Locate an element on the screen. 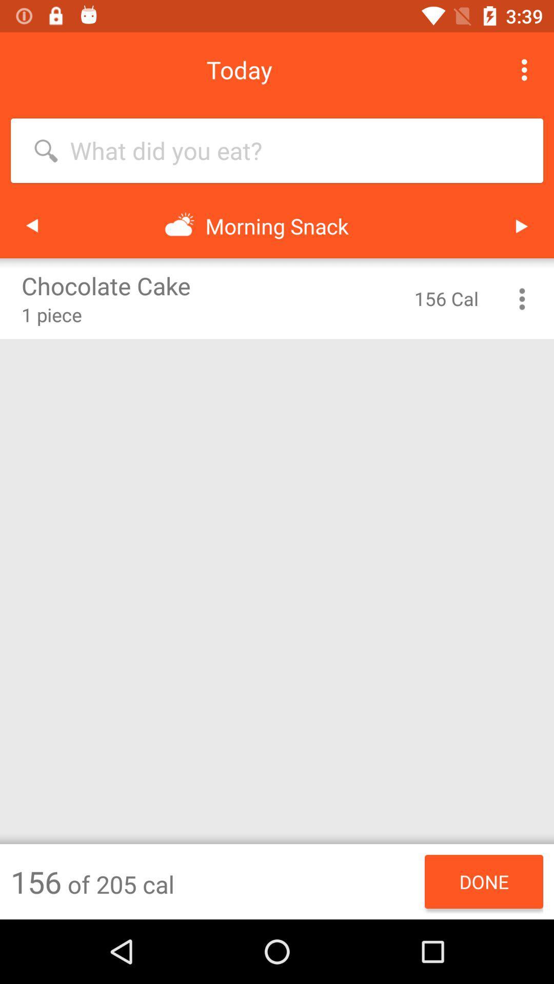 This screenshot has height=984, width=554. the play icon is located at coordinates (522, 225).